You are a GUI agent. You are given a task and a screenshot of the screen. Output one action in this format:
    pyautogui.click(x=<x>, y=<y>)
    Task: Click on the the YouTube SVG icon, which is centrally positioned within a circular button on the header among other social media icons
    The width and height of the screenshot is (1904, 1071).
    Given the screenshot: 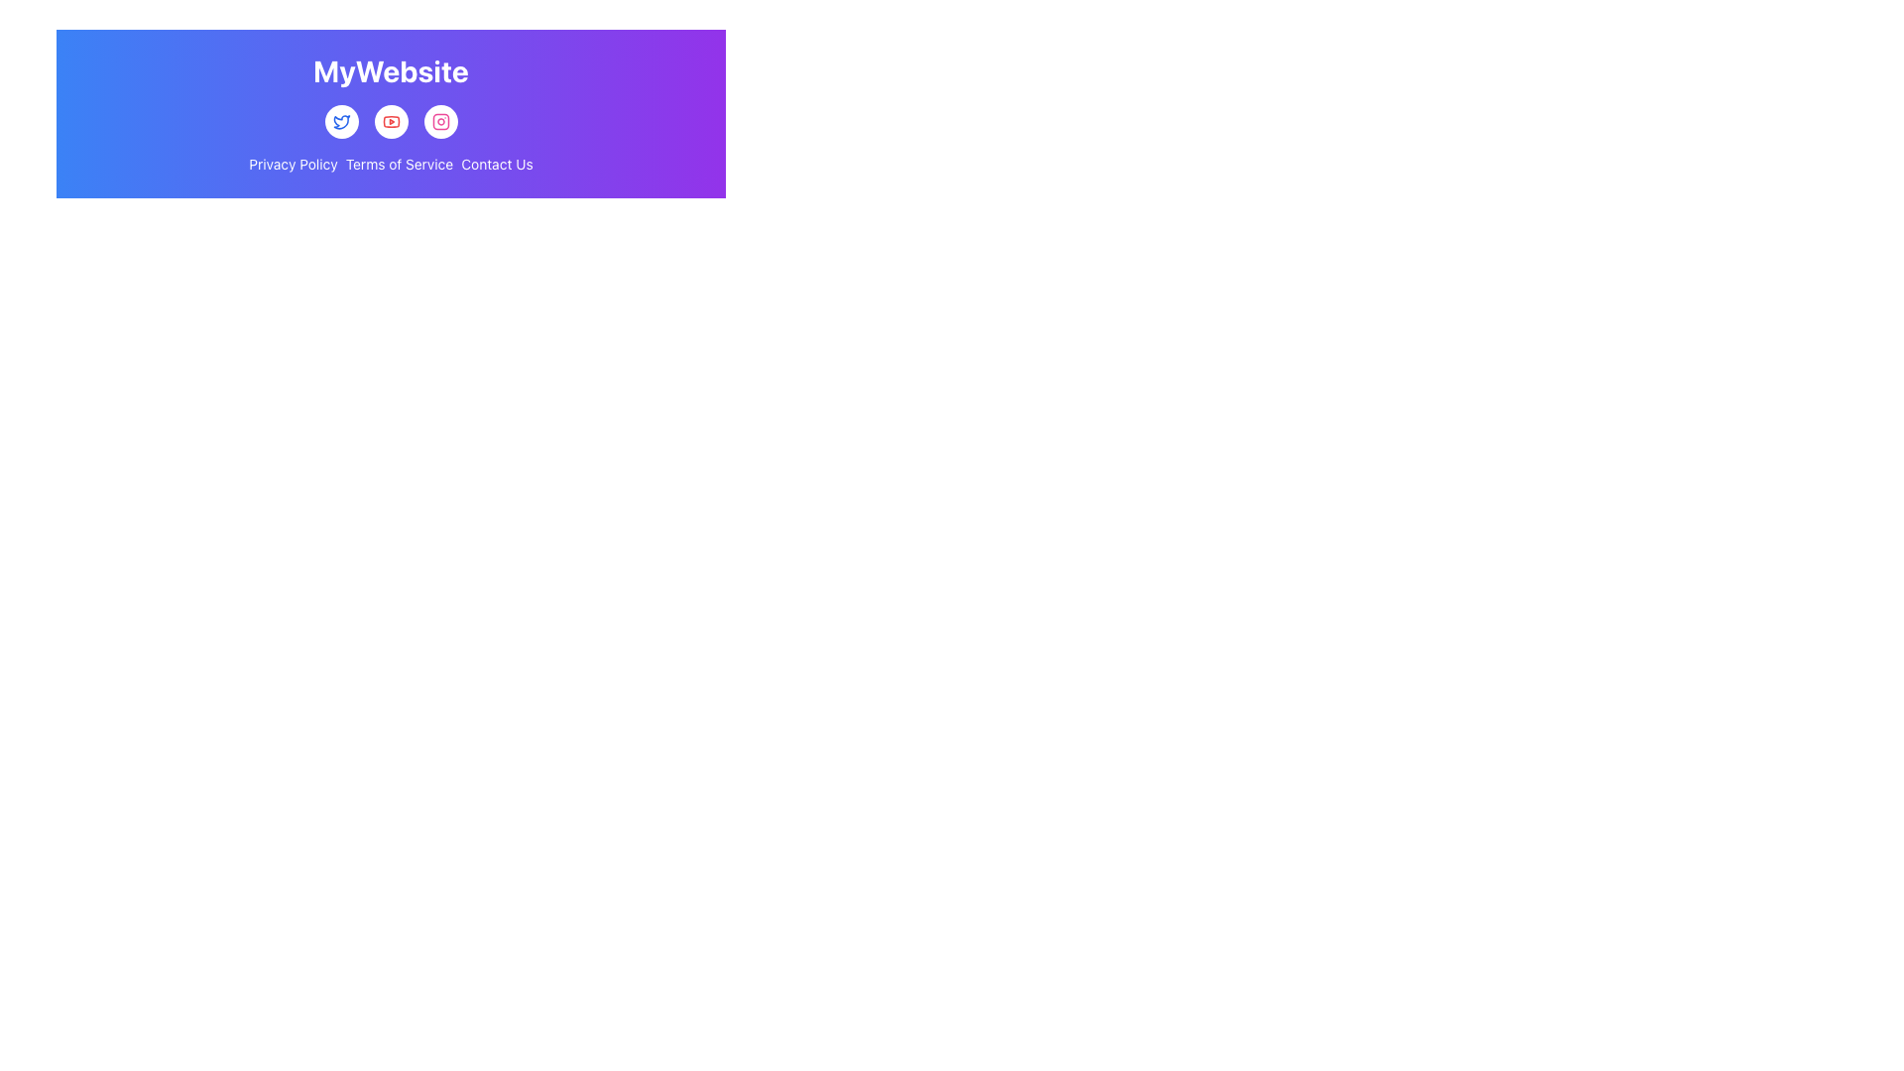 What is the action you would take?
    pyautogui.click(x=391, y=122)
    